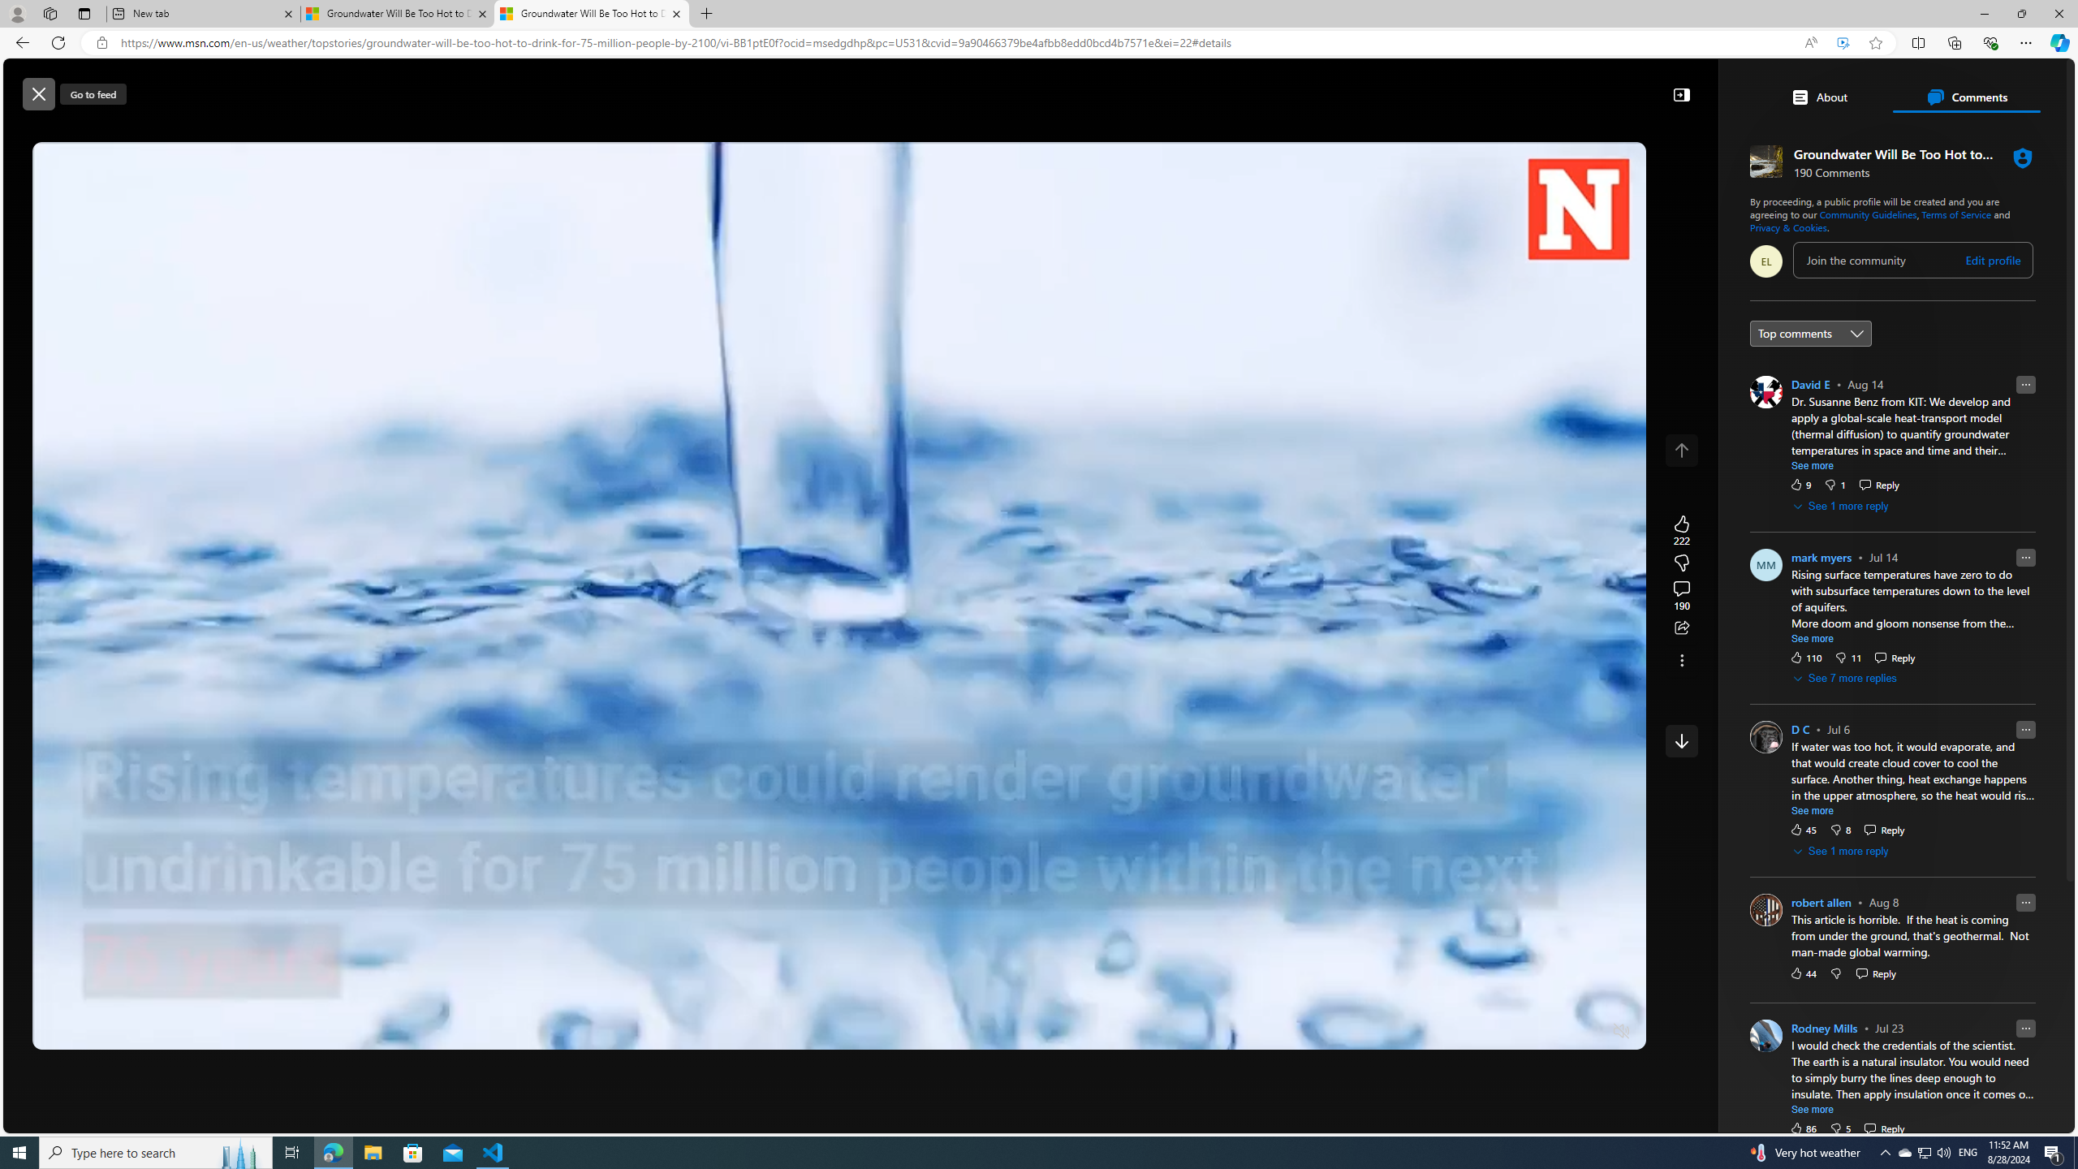  Describe the element at coordinates (1841, 852) in the screenshot. I see `'See 1 more reply'` at that location.